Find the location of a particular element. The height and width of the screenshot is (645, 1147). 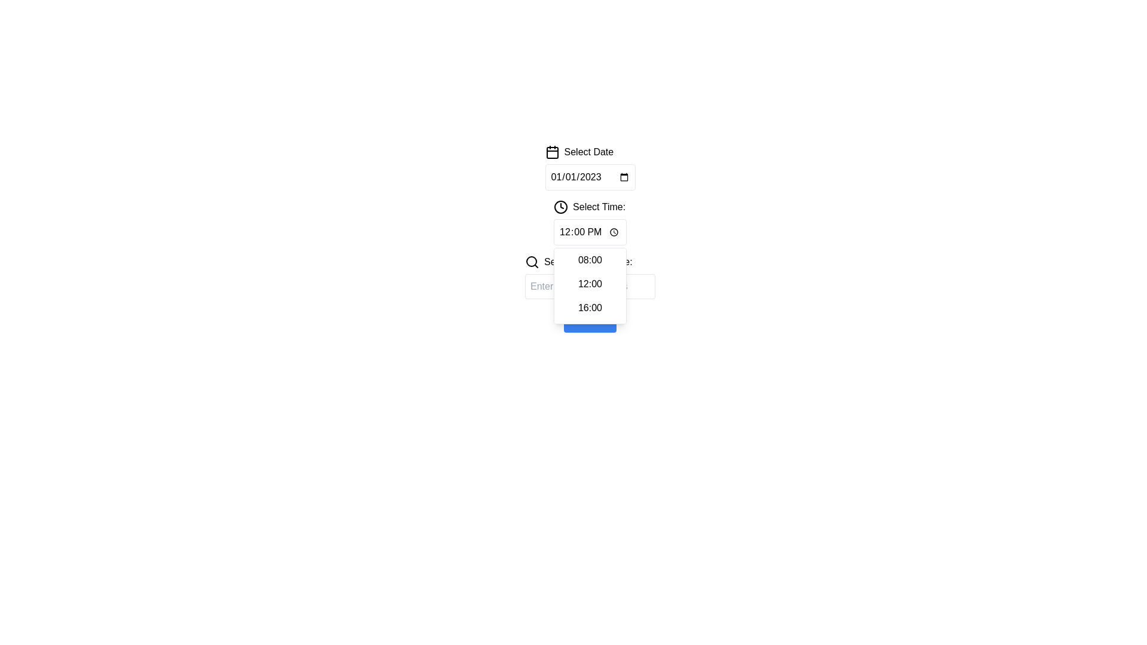

the selectable option item displaying '16:00' in the dropdown menu is located at coordinates (590, 308).